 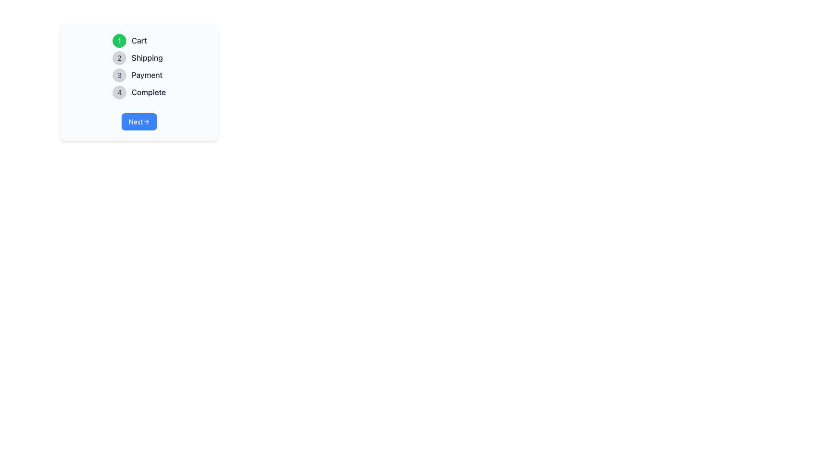 What do you see at coordinates (139, 93) in the screenshot?
I see `the Step indicator displaying '4 Complete', which is a circular badge with gray color and white text, located below the '3 Payment' item` at bounding box center [139, 93].